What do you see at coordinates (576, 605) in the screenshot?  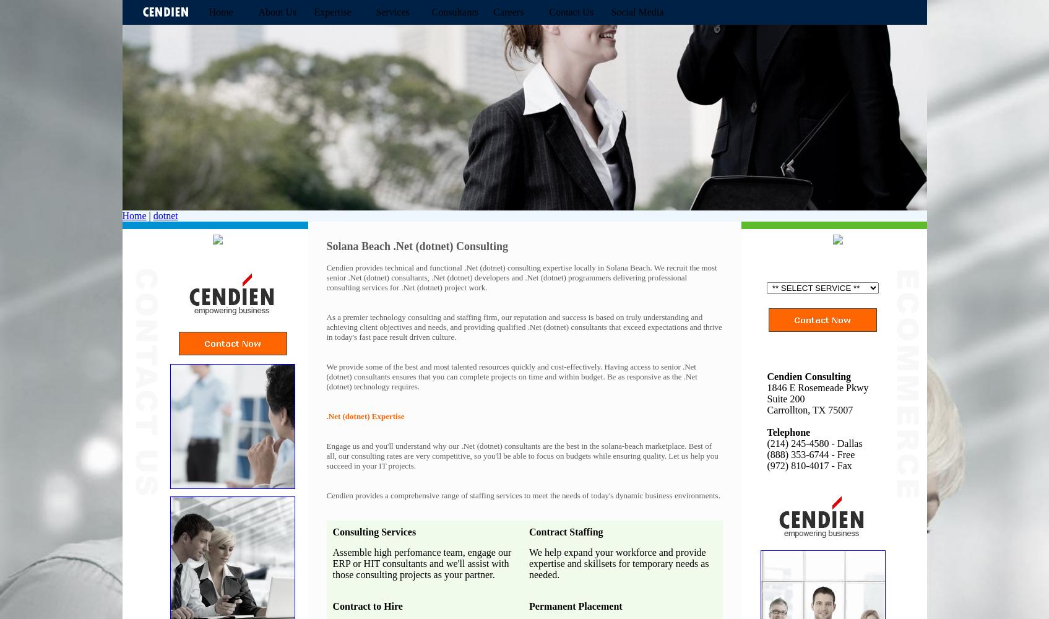 I see `'Permanent Placement'` at bounding box center [576, 605].